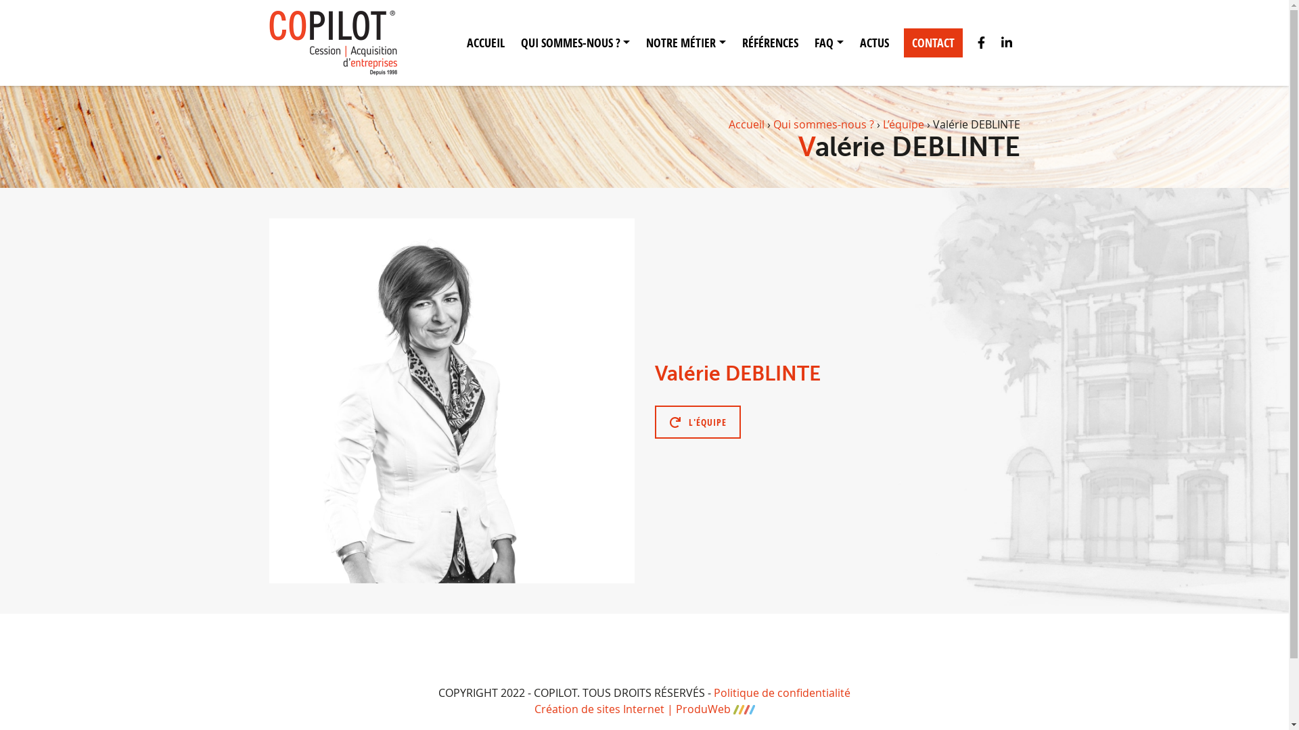 The width and height of the screenshot is (1299, 730). What do you see at coordinates (486, 42) in the screenshot?
I see `'ACCUEIL'` at bounding box center [486, 42].